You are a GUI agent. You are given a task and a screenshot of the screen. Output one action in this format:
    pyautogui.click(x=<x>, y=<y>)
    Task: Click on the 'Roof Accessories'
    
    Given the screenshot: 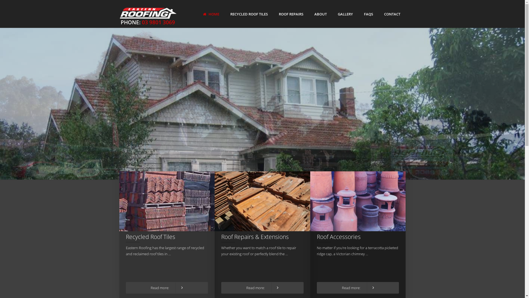 What is the action you would take?
    pyautogui.click(x=338, y=236)
    